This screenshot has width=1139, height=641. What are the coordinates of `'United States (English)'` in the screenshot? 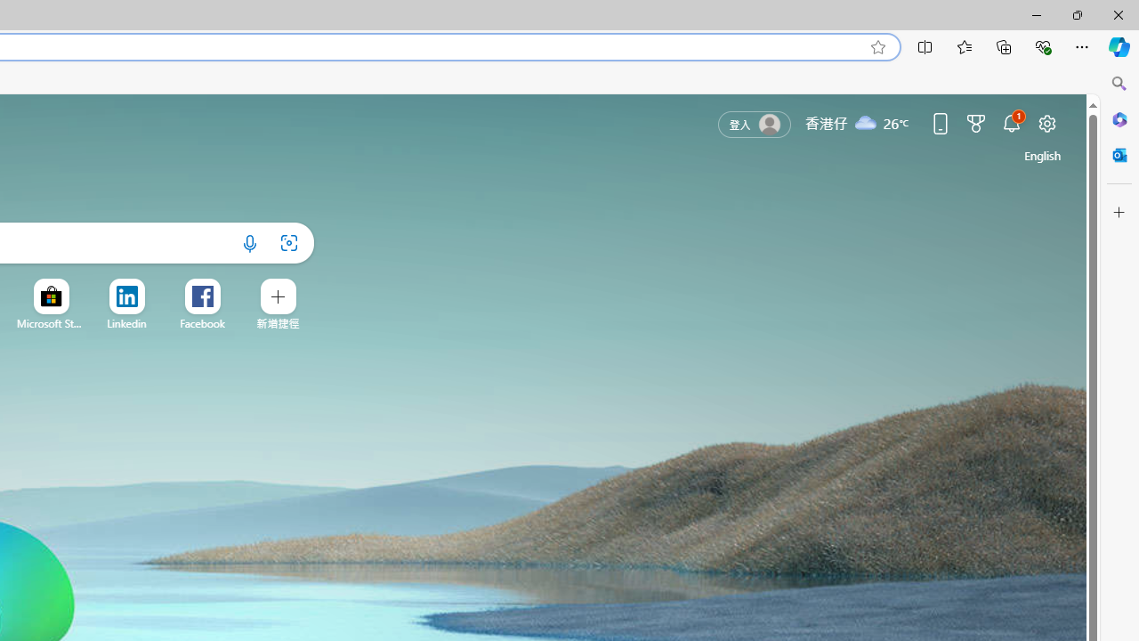 It's located at (1042, 154).